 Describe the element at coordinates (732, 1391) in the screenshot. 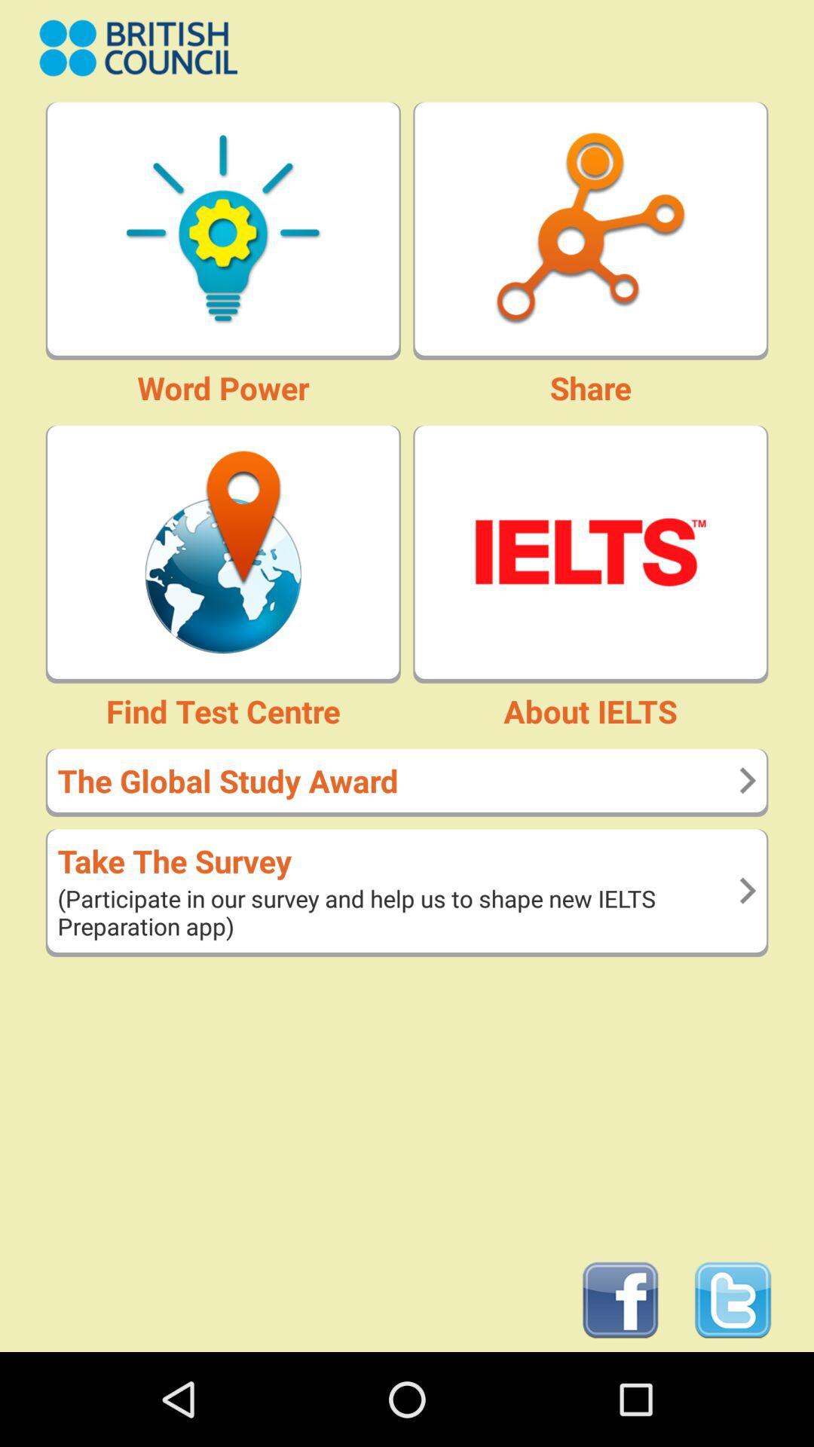

I see `the twitter icon` at that location.